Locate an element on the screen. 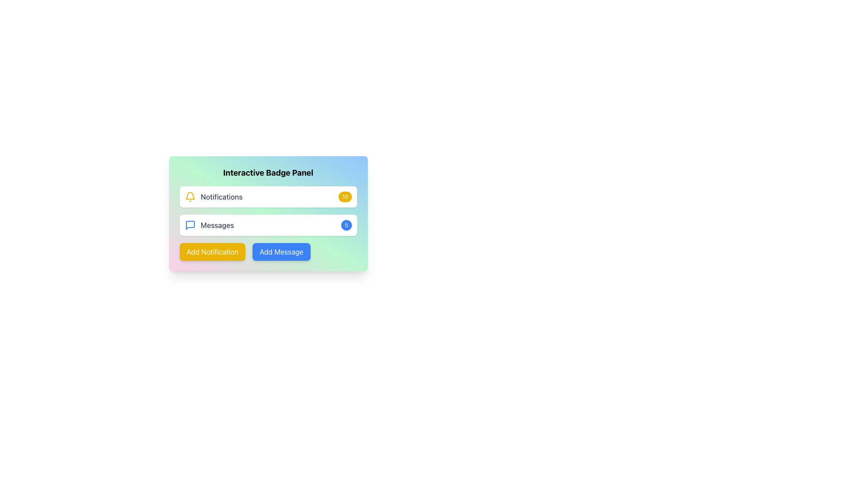  the Badge element displaying a numerical indicator for notifications located at the right end of the 'Notifications' label is located at coordinates (344, 196).